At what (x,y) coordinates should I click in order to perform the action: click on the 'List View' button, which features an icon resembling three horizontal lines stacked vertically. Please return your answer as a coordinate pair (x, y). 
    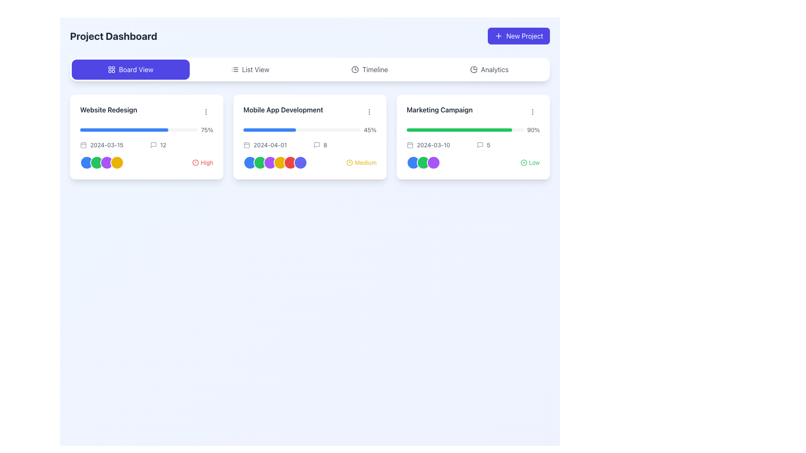
    Looking at the image, I should click on (235, 69).